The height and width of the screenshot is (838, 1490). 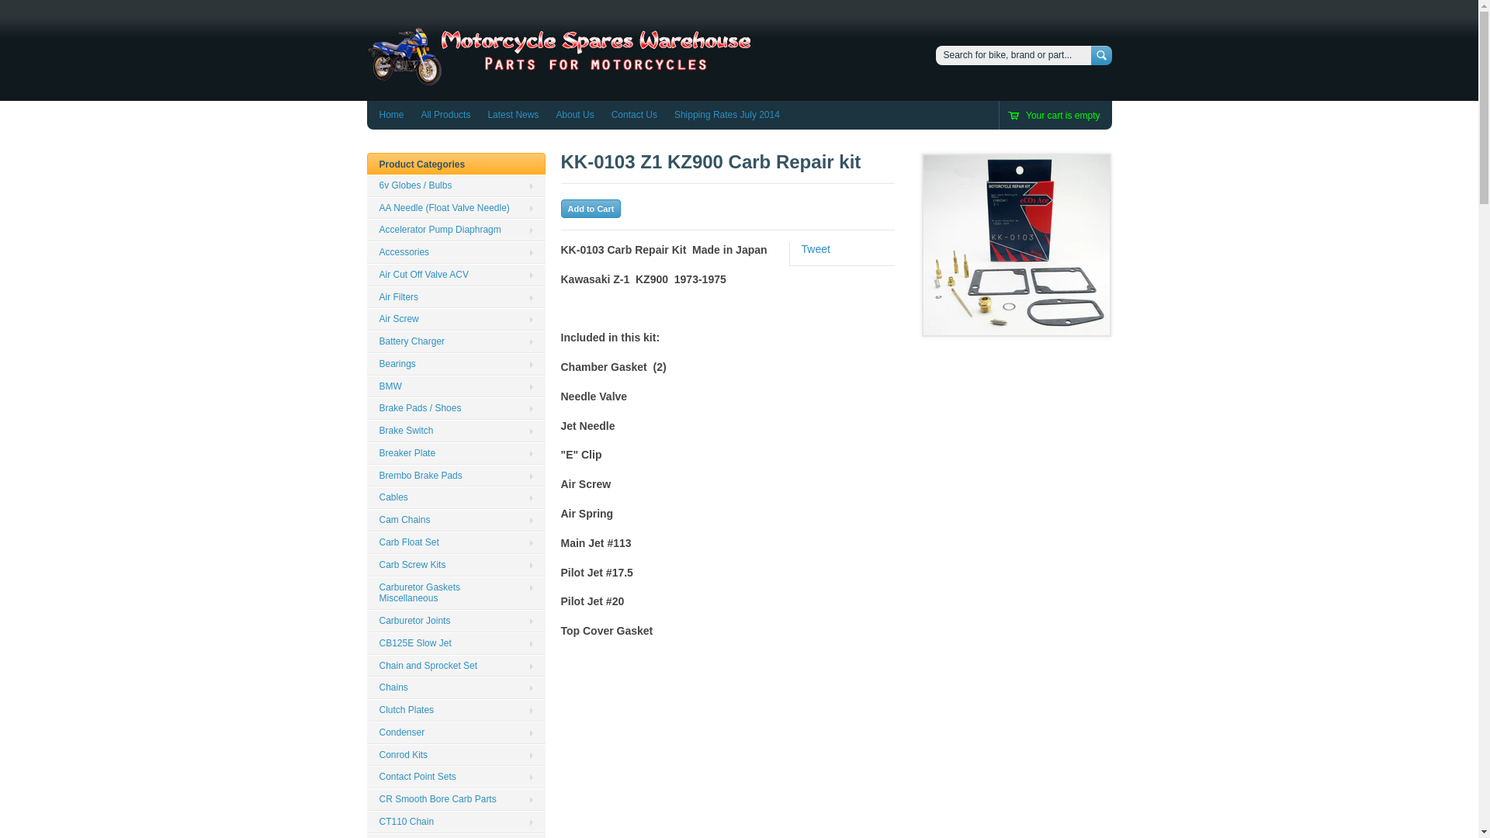 I want to click on 'Search', so click(x=1100, y=54).